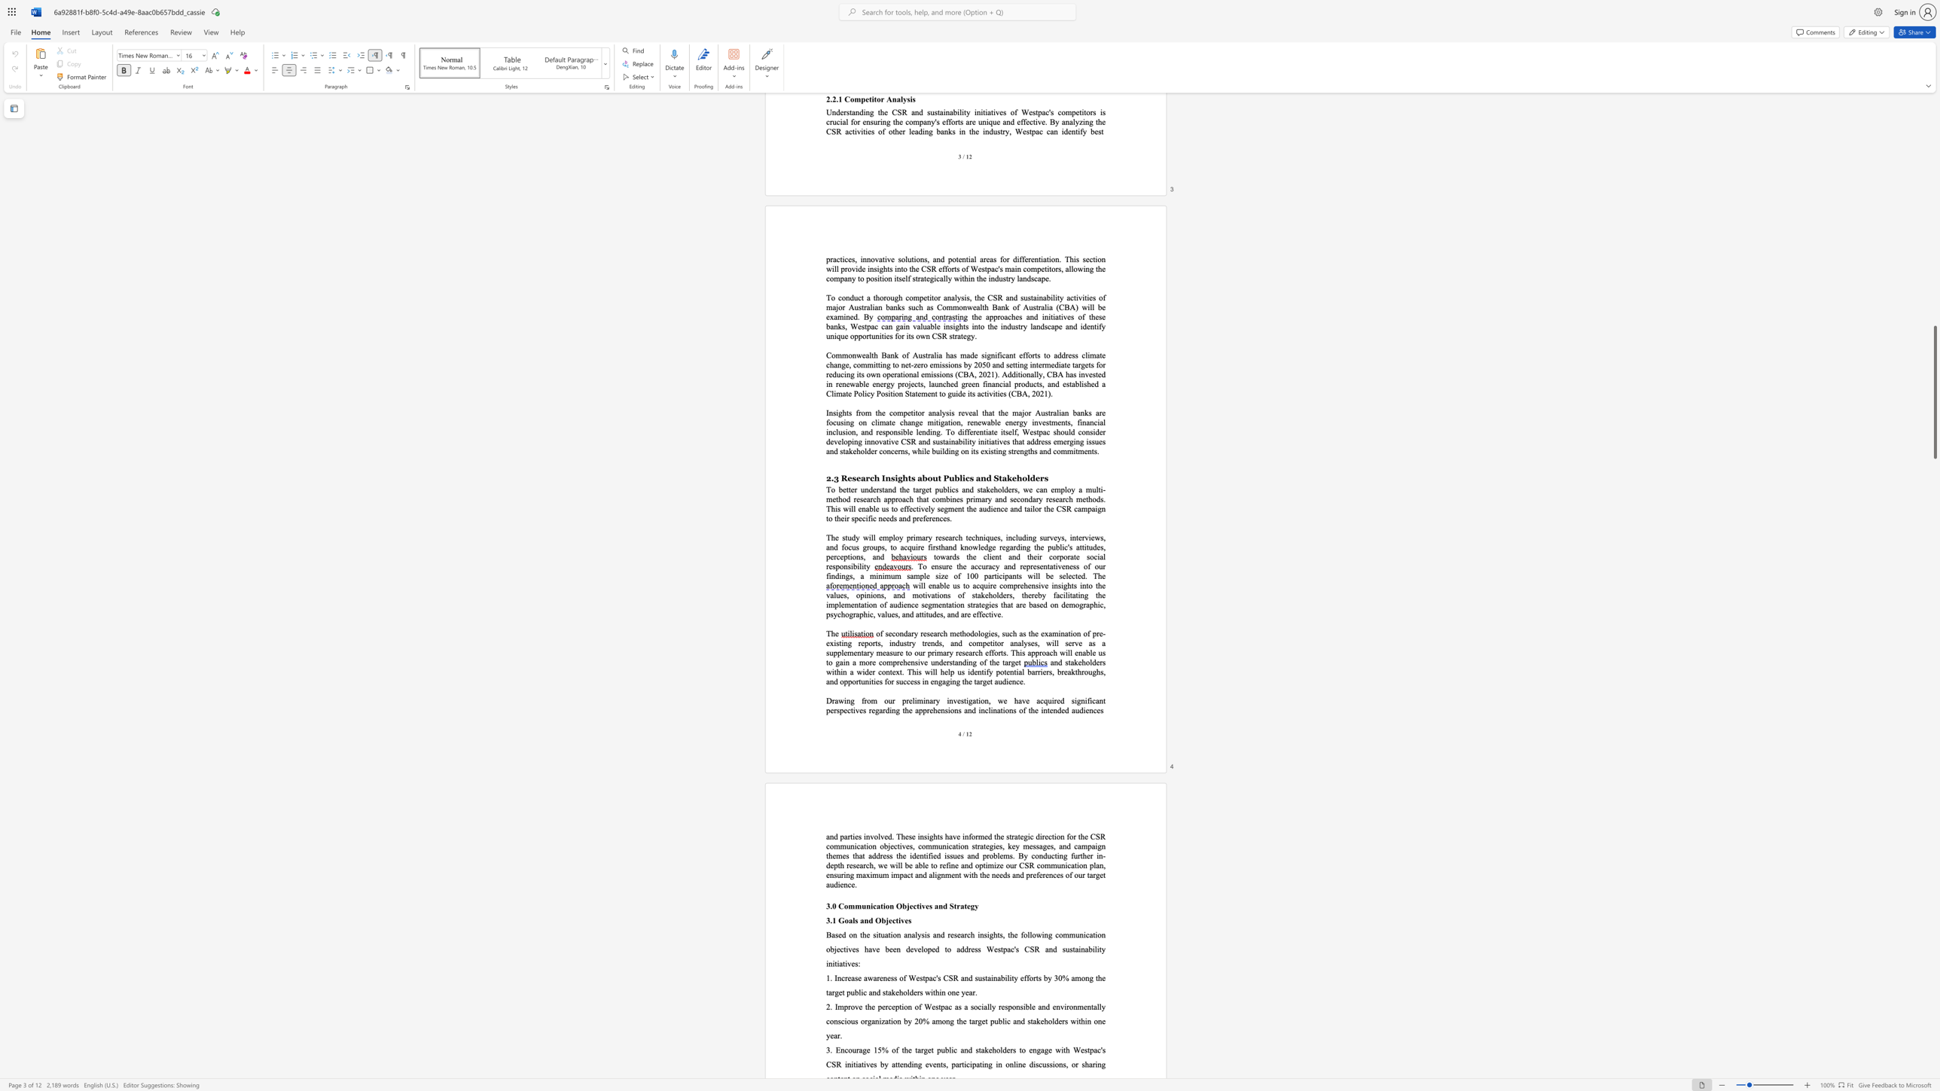  I want to click on the 1th character "s" in the text, so click(886, 633).